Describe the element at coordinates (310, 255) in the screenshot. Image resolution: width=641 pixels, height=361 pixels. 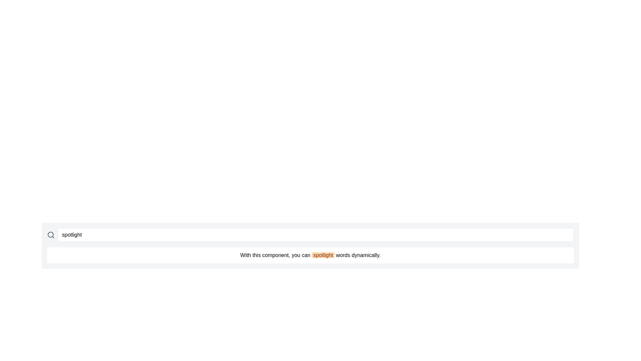
I see `the text block containing the message 'With this component, you can spotlight words dynamically.' which has the word 'spotlight' highlighted in orange` at that location.